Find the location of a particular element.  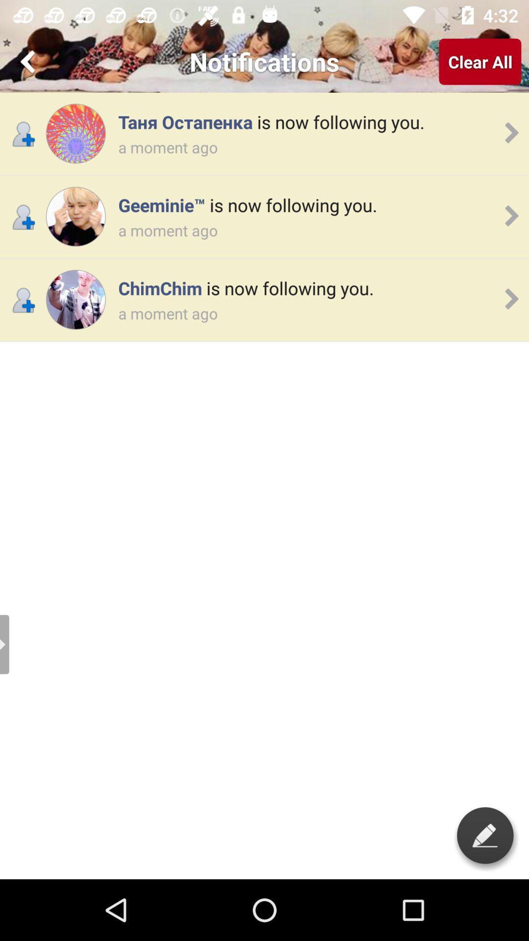

go back is located at coordinates (29, 61).